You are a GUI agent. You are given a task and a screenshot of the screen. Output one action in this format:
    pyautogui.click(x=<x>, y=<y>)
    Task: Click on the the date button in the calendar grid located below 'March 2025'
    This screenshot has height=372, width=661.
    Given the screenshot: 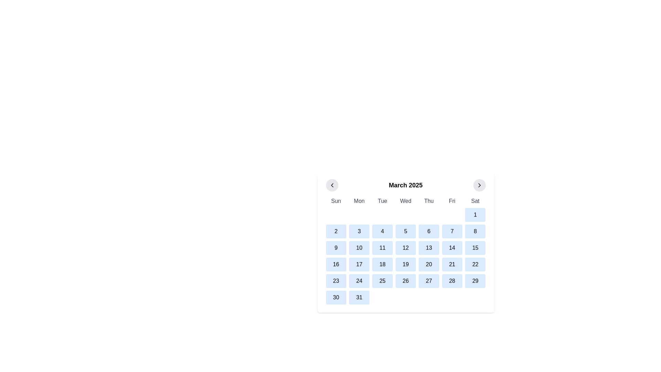 What is the action you would take?
    pyautogui.click(x=406, y=251)
    